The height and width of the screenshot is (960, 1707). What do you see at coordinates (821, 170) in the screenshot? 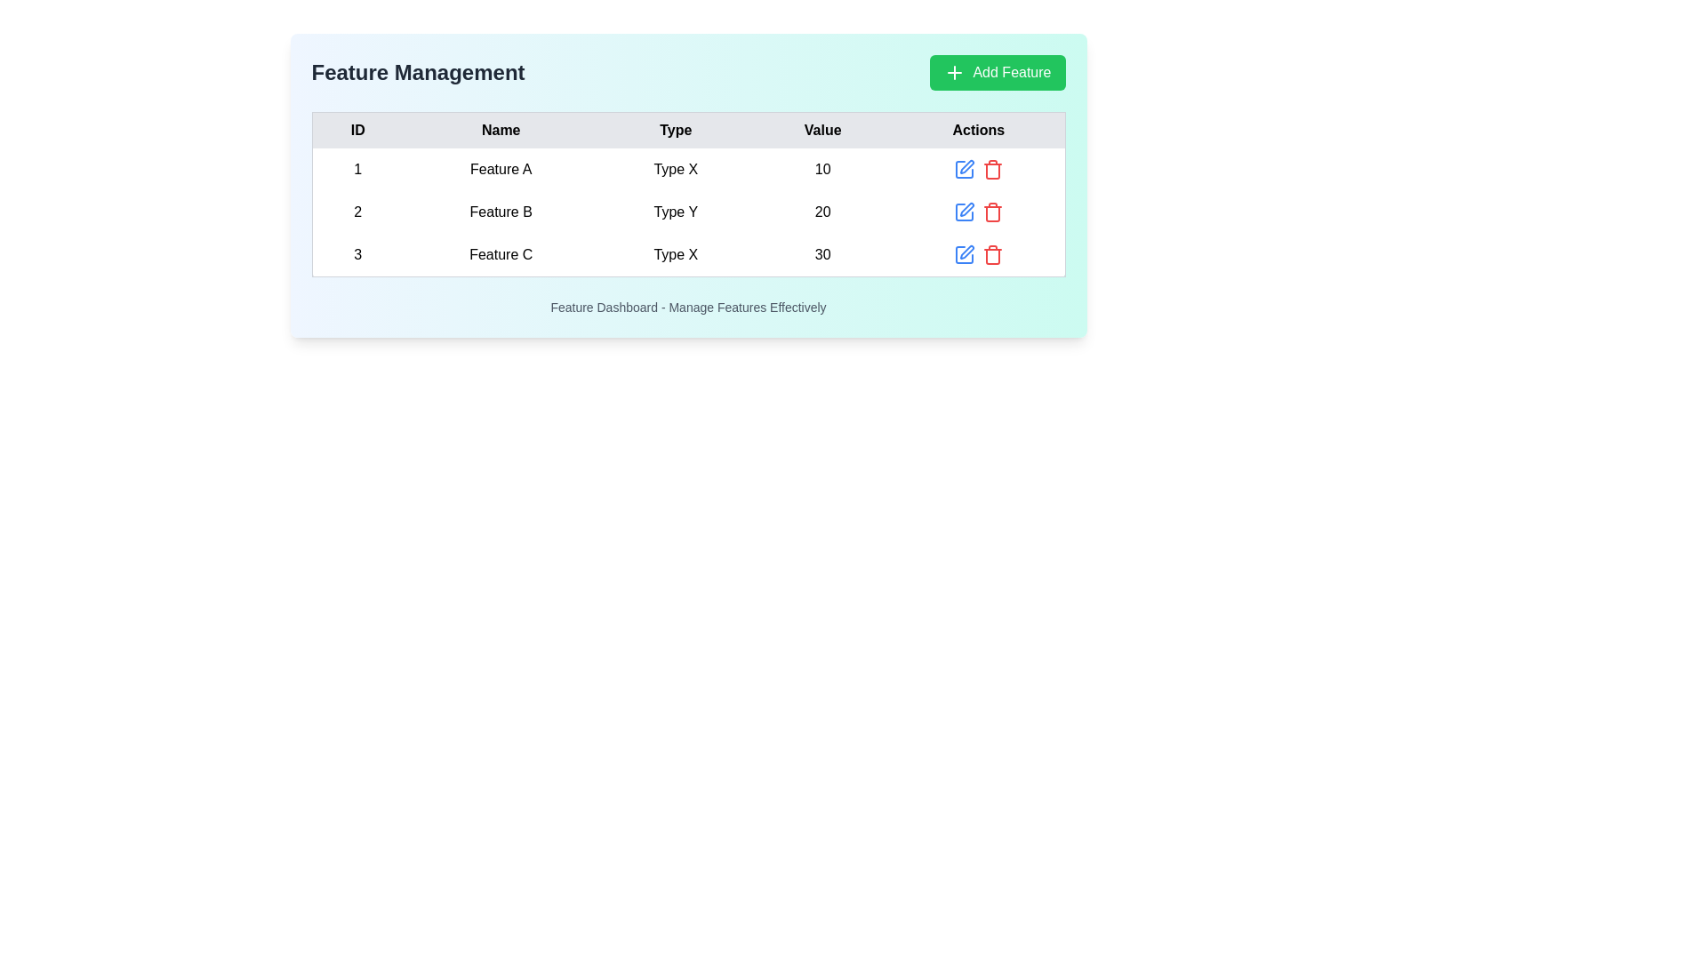
I see `the text label displaying the numerical value '10' in the 'Value' column of the first row of the table` at bounding box center [821, 170].